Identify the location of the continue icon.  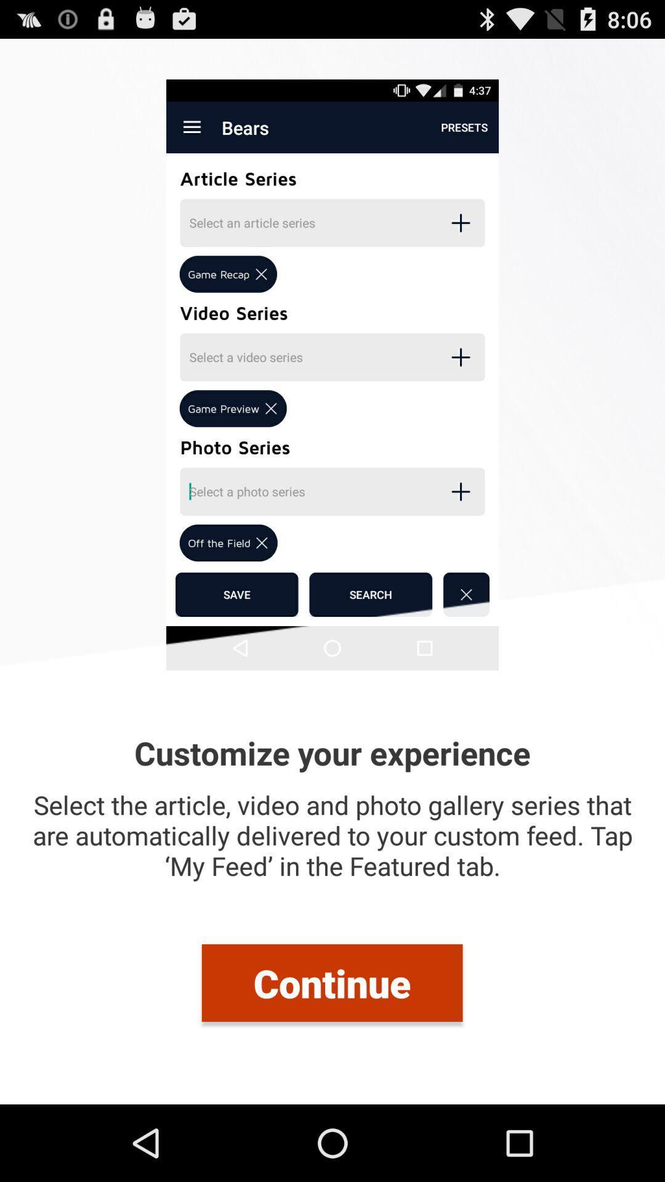
(331, 982).